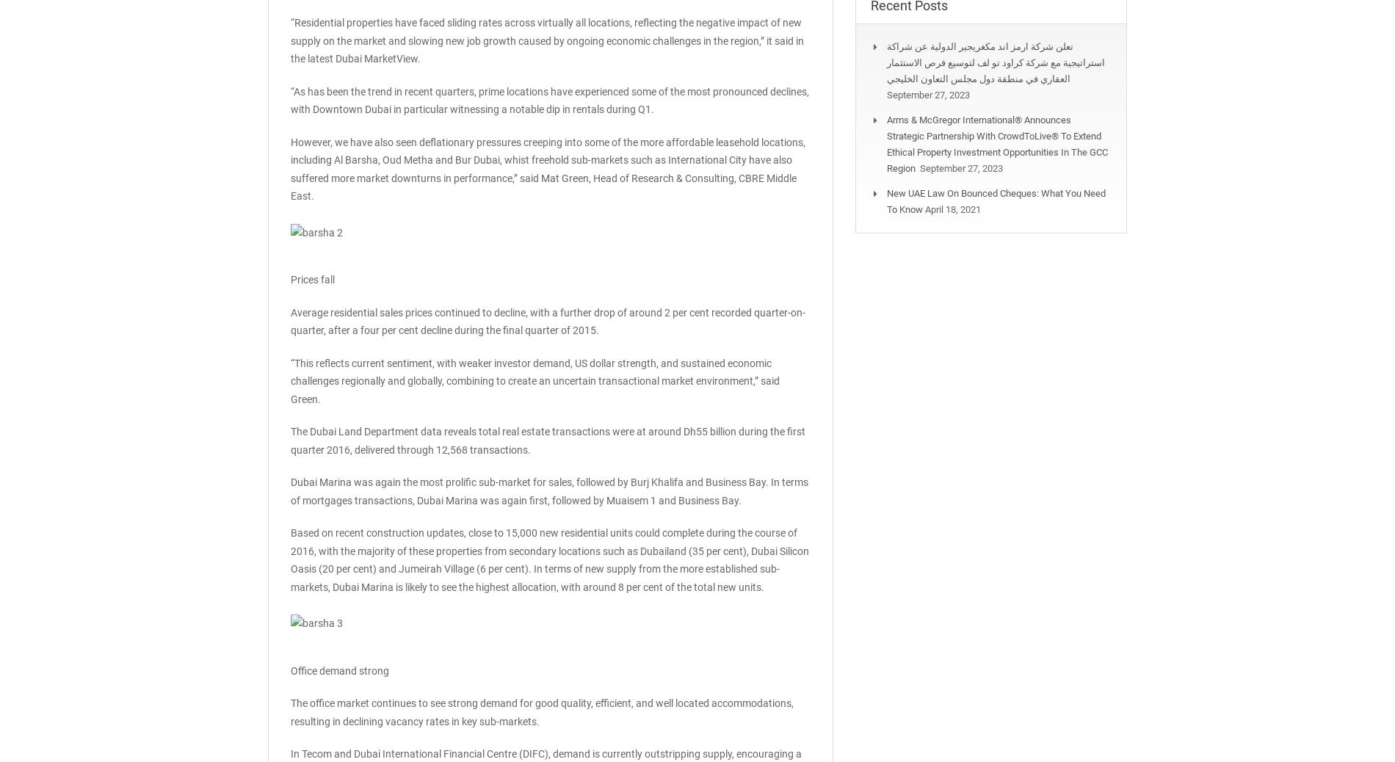 The height and width of the screenshot is (762, 1395). Describe the element at coordinates (995, 201) in the screenshot. I see `'New UAE law on bounced cheques: What you need to know'` at that location.